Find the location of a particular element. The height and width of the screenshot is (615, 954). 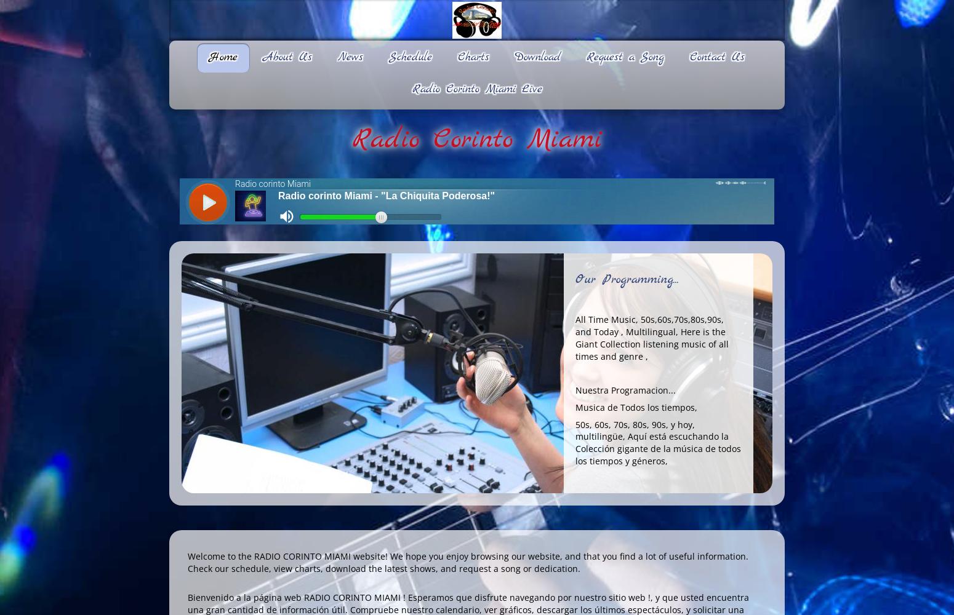

'Aquí' is located at coordinates (637, 435).